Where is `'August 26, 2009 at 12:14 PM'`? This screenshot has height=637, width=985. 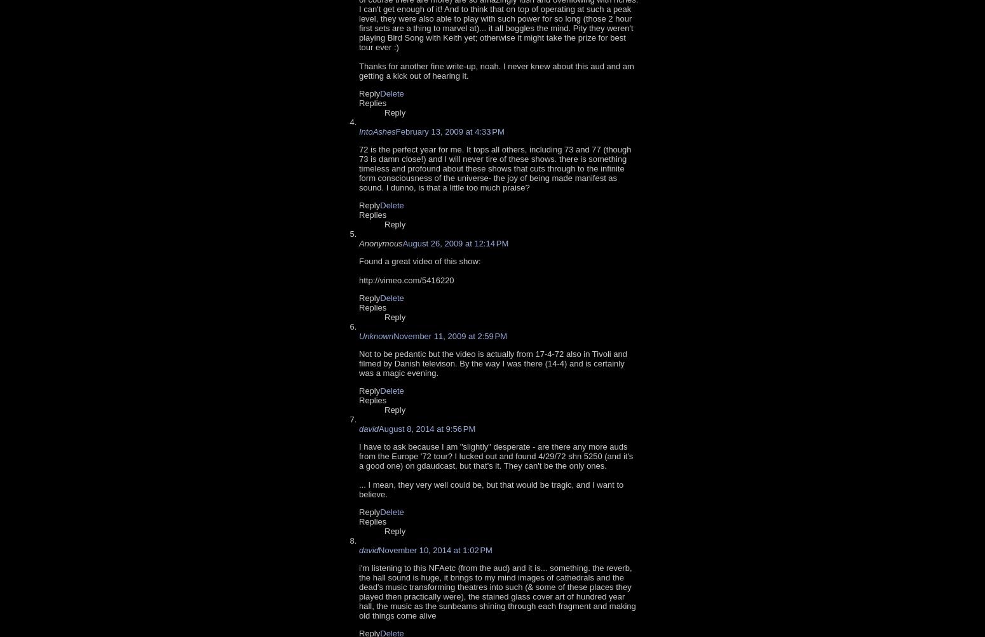
'August 26, 2009 at 12:14 PM' is located at coordinates (402, 242).